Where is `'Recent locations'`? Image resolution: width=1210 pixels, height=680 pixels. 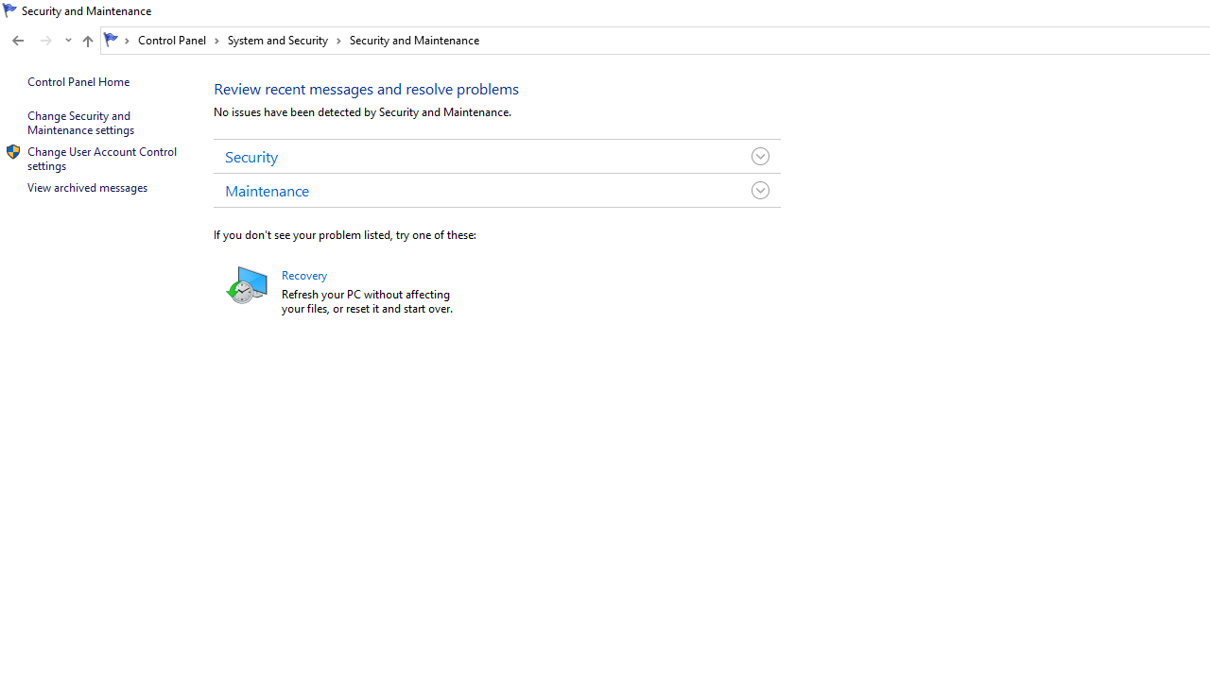 'Recent locations' is located at coordinates (67, 41).